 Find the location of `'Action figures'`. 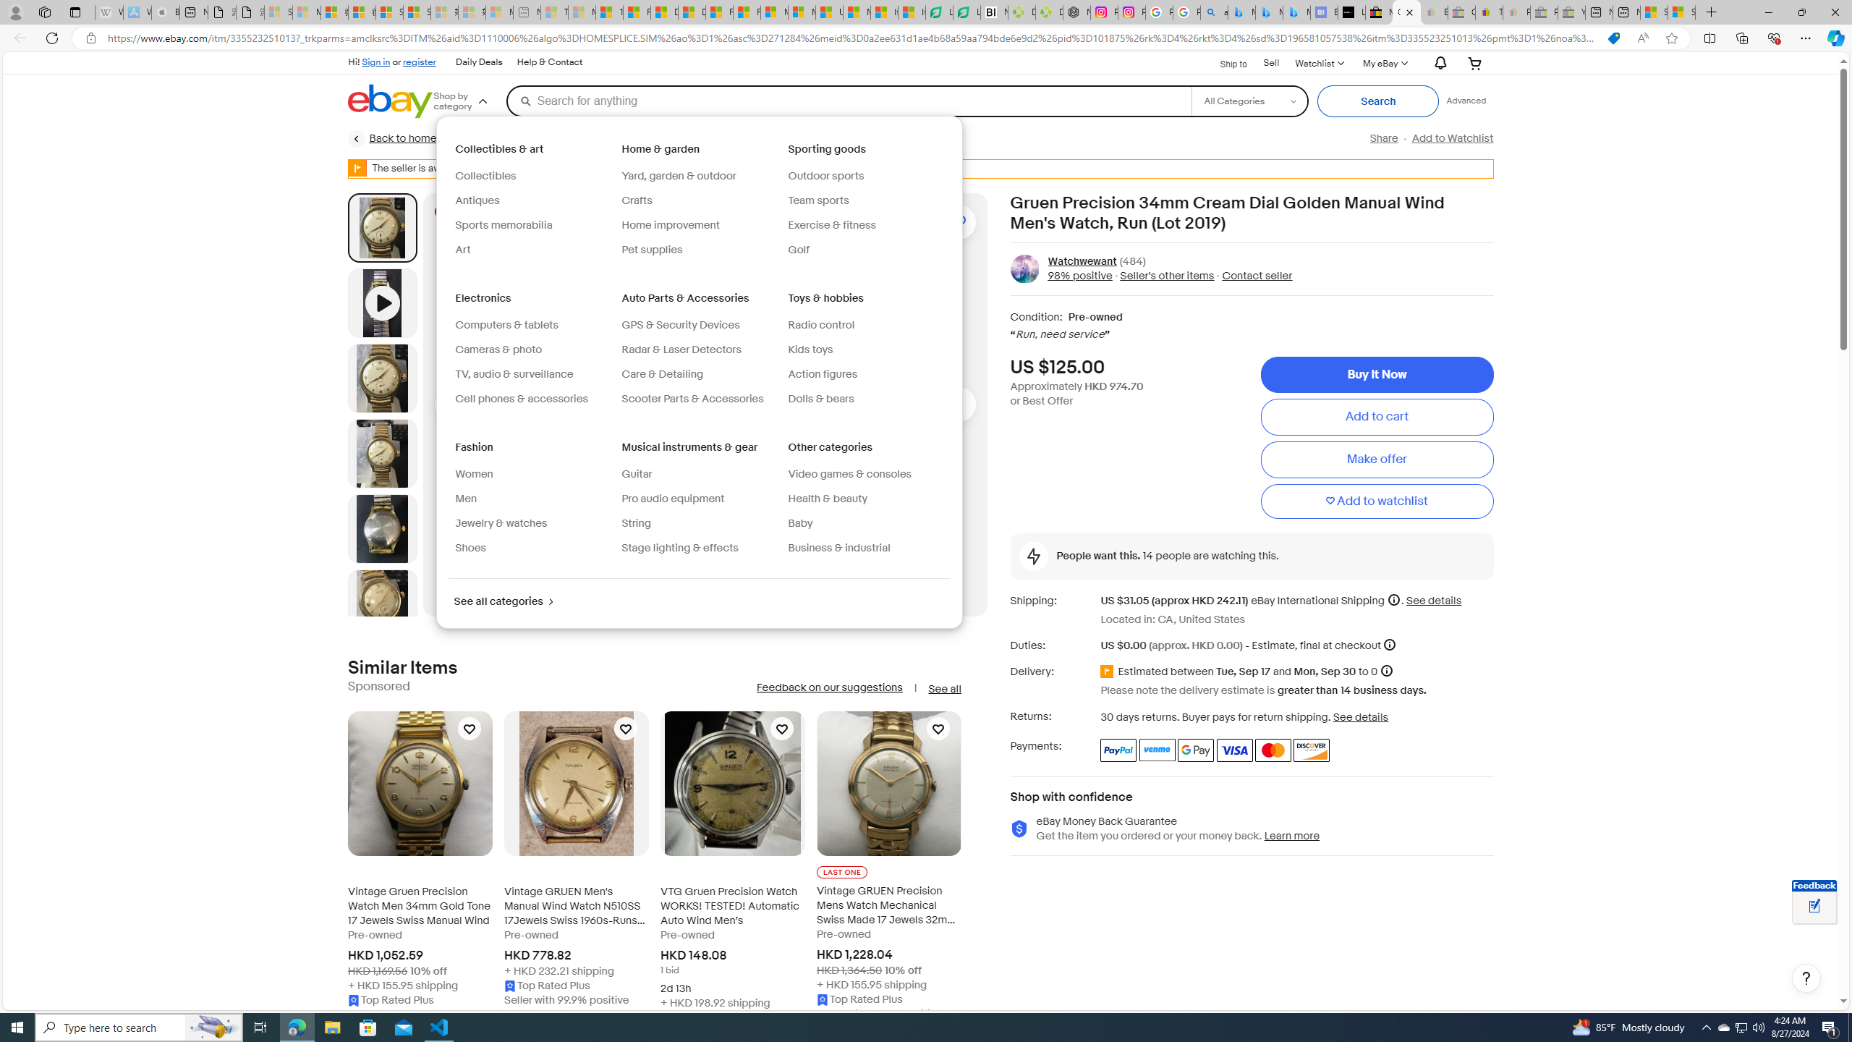

'Action figures' is located at coordinates (864, 374).